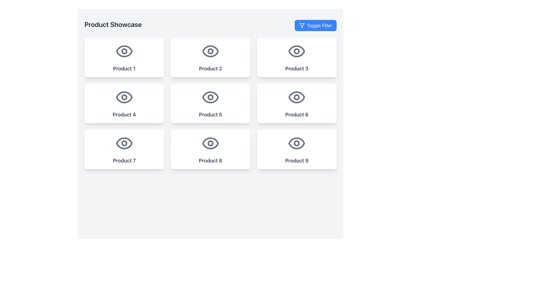 This screenshot has height=303, width=539. Describe the element at coordinates (124, 114) in the screenshot. I see `the 'Product 4' text label located in the second row and first column of the grid layout within its card, positioned at the bottom below the eye icon` at that location.